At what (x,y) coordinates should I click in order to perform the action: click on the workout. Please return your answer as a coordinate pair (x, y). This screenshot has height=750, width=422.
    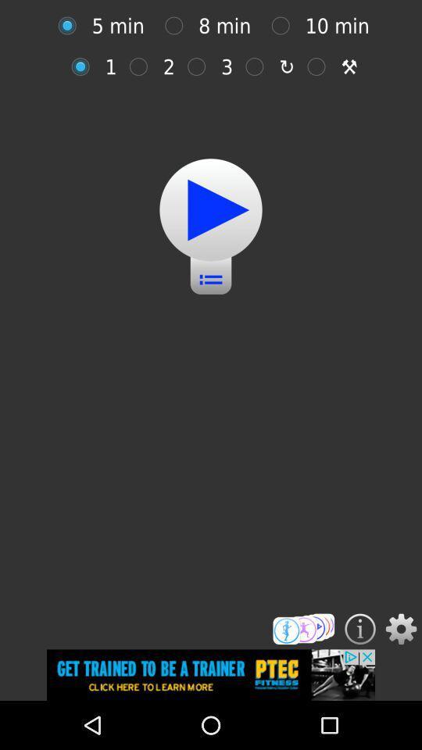
    Looking at the image, I should click on (211, 209).